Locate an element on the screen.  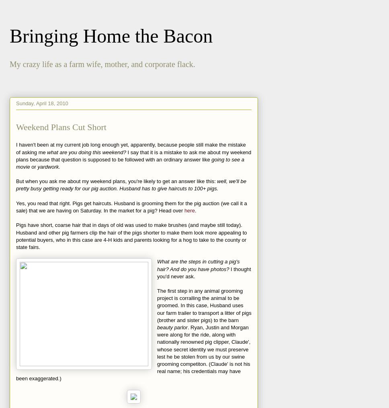
'Pigs have short, coarse hair that in days of old was used to make brushes (and maybe still today). Husband and other pig farmers clip the hair of the pigs shorter to make them look more appealing to potential buyers, who in this case are 4-H kids and parents looking for a hog to take to the county or state fairs.' is located at coordinates (16, 236).